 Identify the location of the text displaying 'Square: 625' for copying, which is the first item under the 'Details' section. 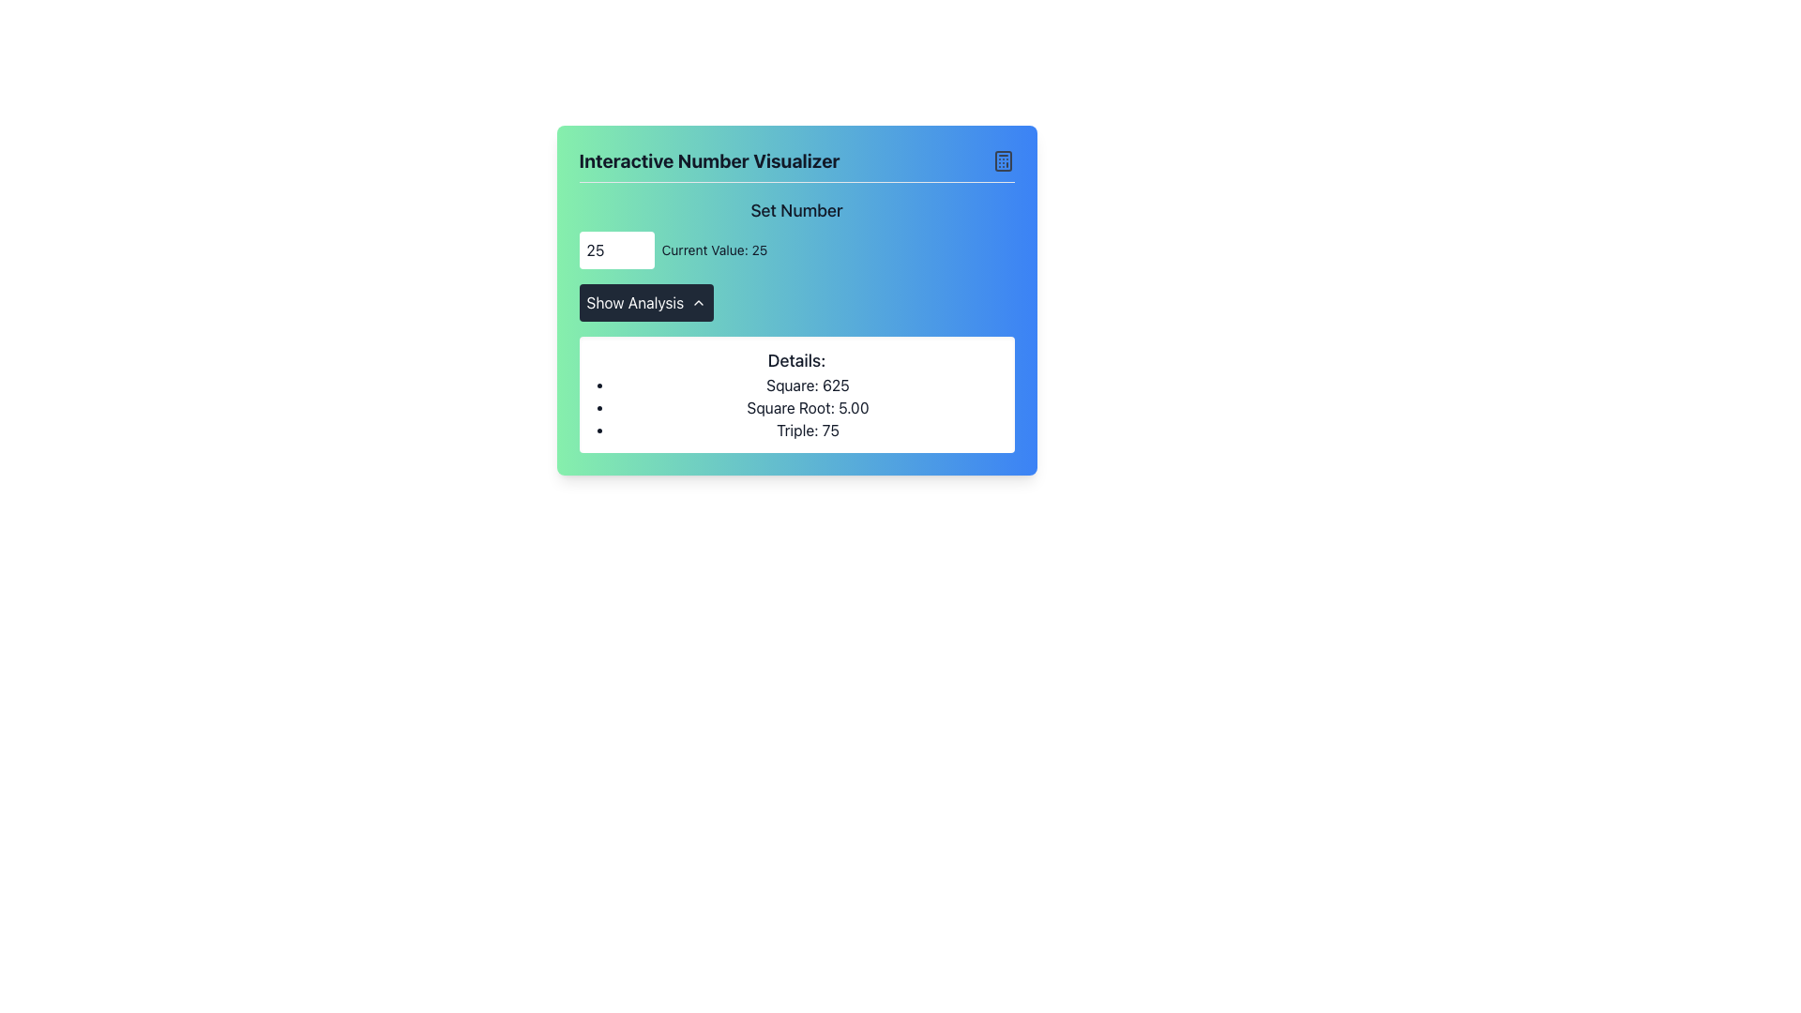
(808, 385).